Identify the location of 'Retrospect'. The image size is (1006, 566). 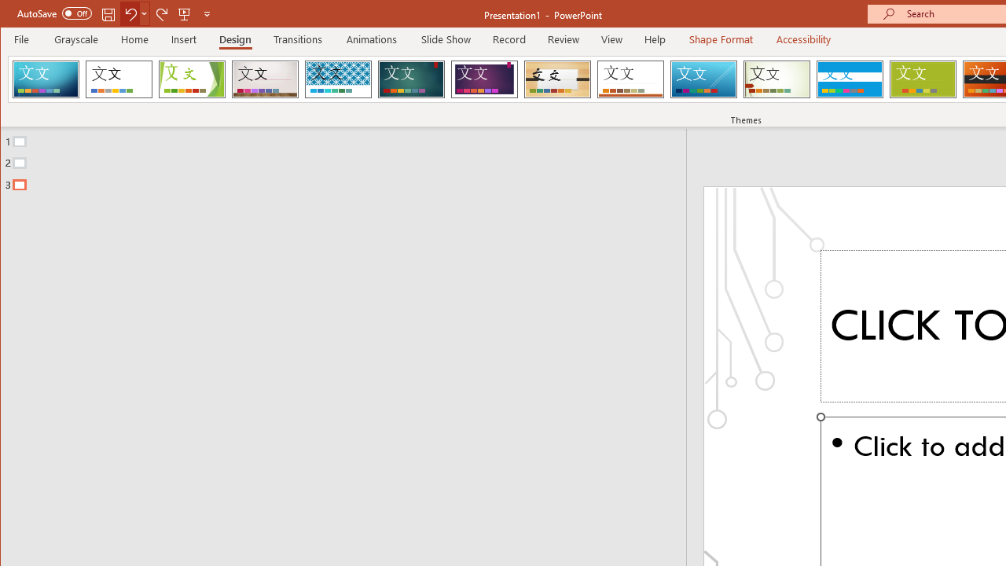
(630, 79).